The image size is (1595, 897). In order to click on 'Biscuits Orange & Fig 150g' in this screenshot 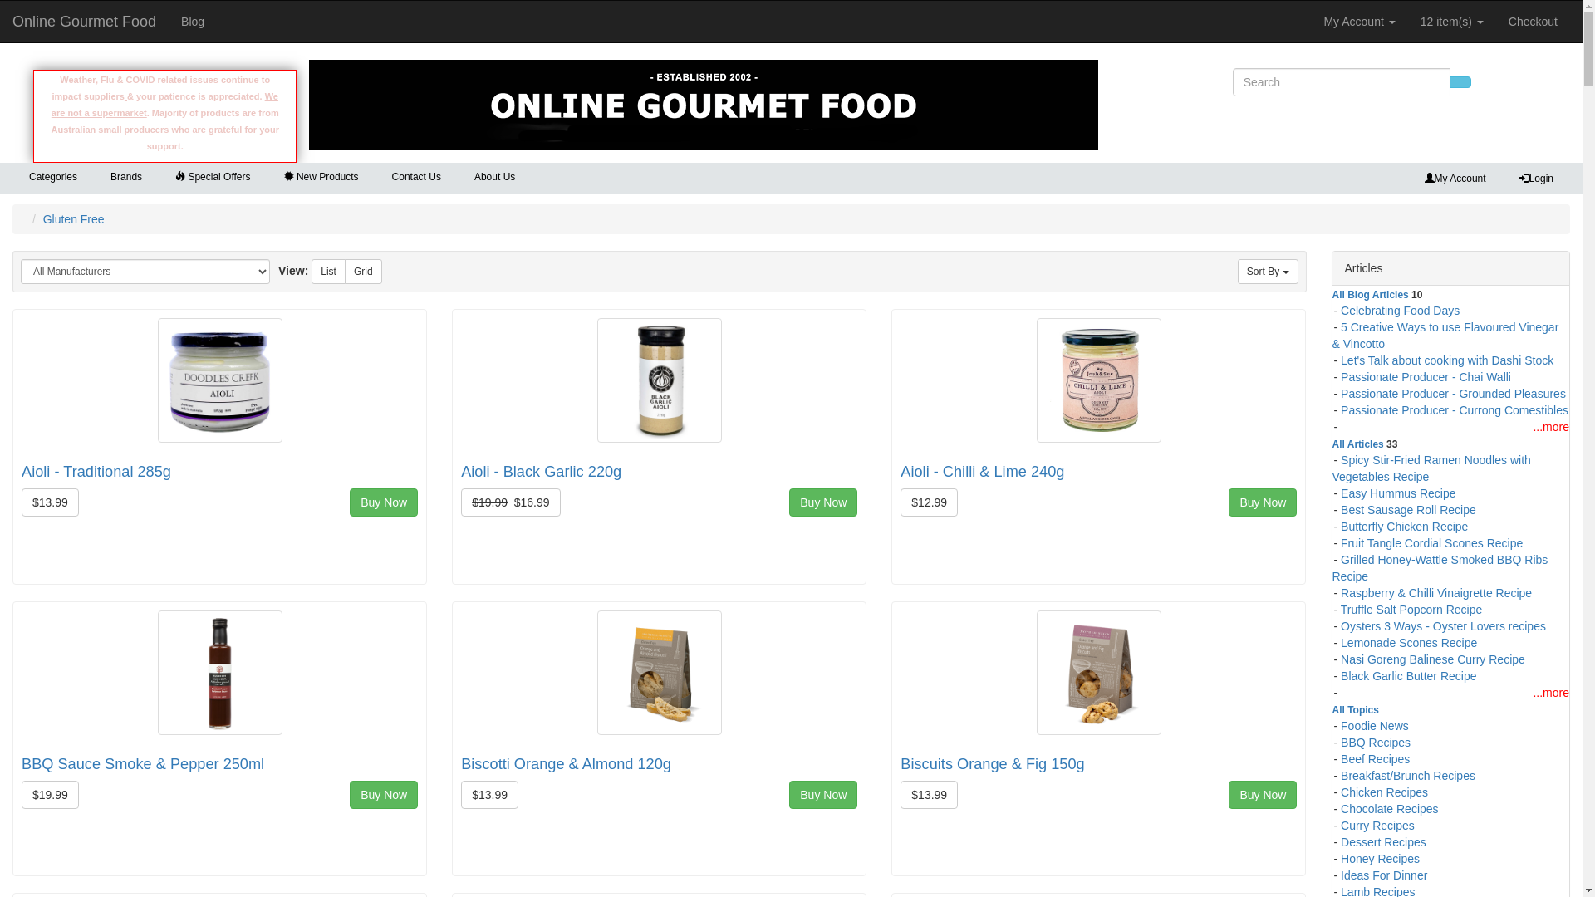, I will do `click(992, 764)`.